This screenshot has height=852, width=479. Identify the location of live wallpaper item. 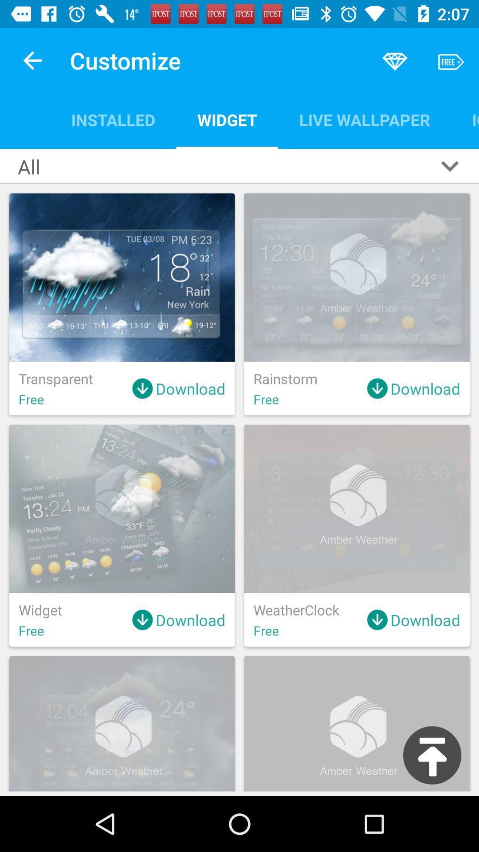
(364, 119).